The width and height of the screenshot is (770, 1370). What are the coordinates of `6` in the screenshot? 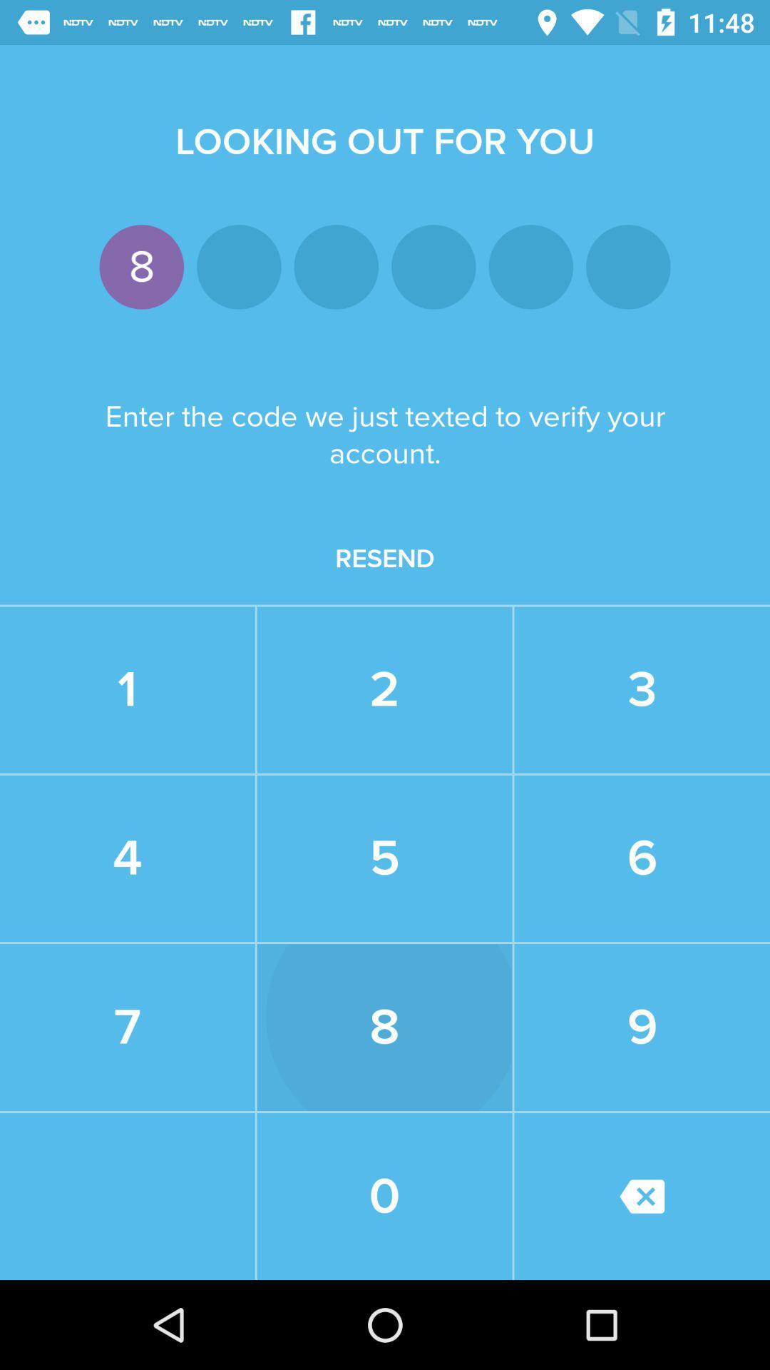 It's located at (642, 858).